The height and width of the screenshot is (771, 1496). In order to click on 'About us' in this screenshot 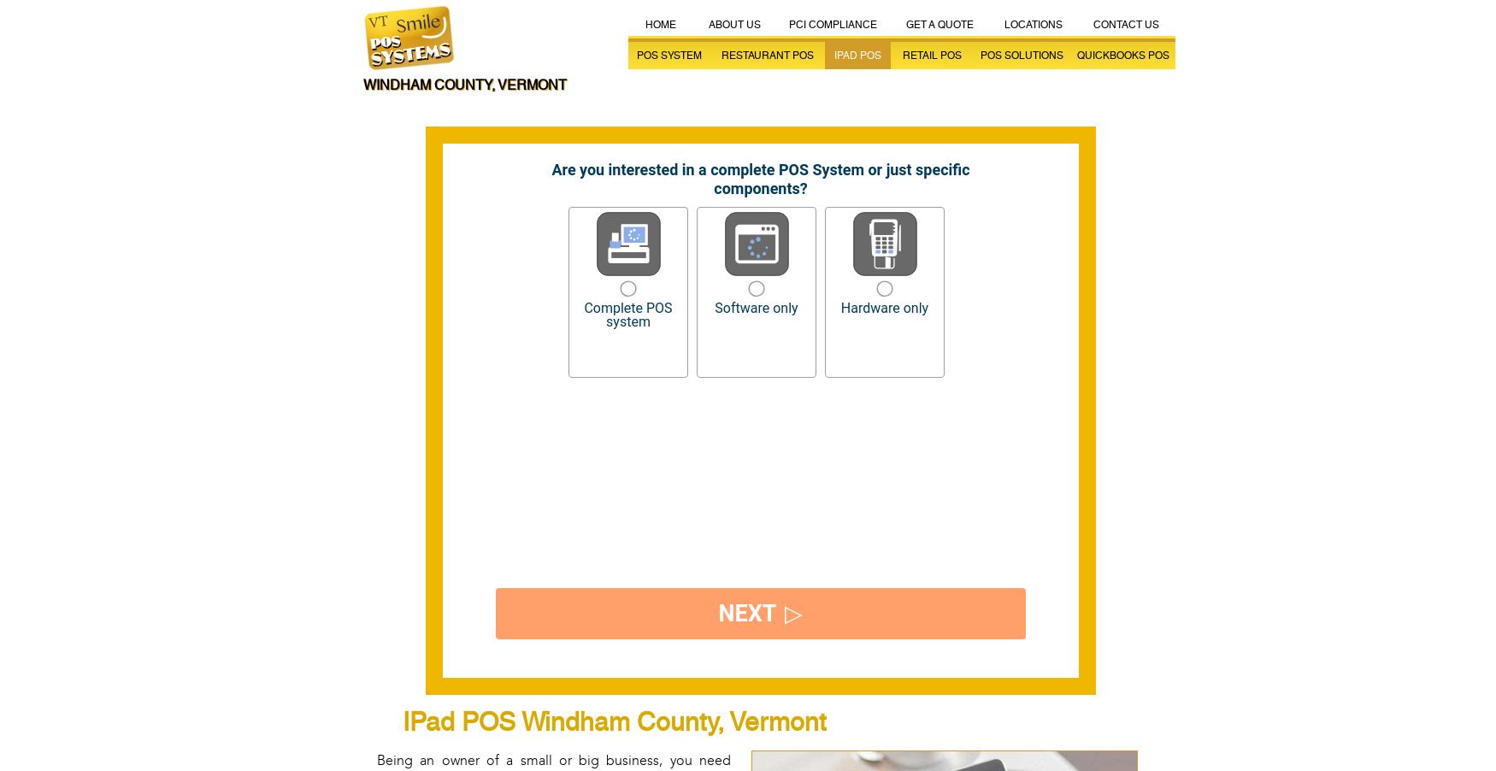, I will do `click(708, 24)`.